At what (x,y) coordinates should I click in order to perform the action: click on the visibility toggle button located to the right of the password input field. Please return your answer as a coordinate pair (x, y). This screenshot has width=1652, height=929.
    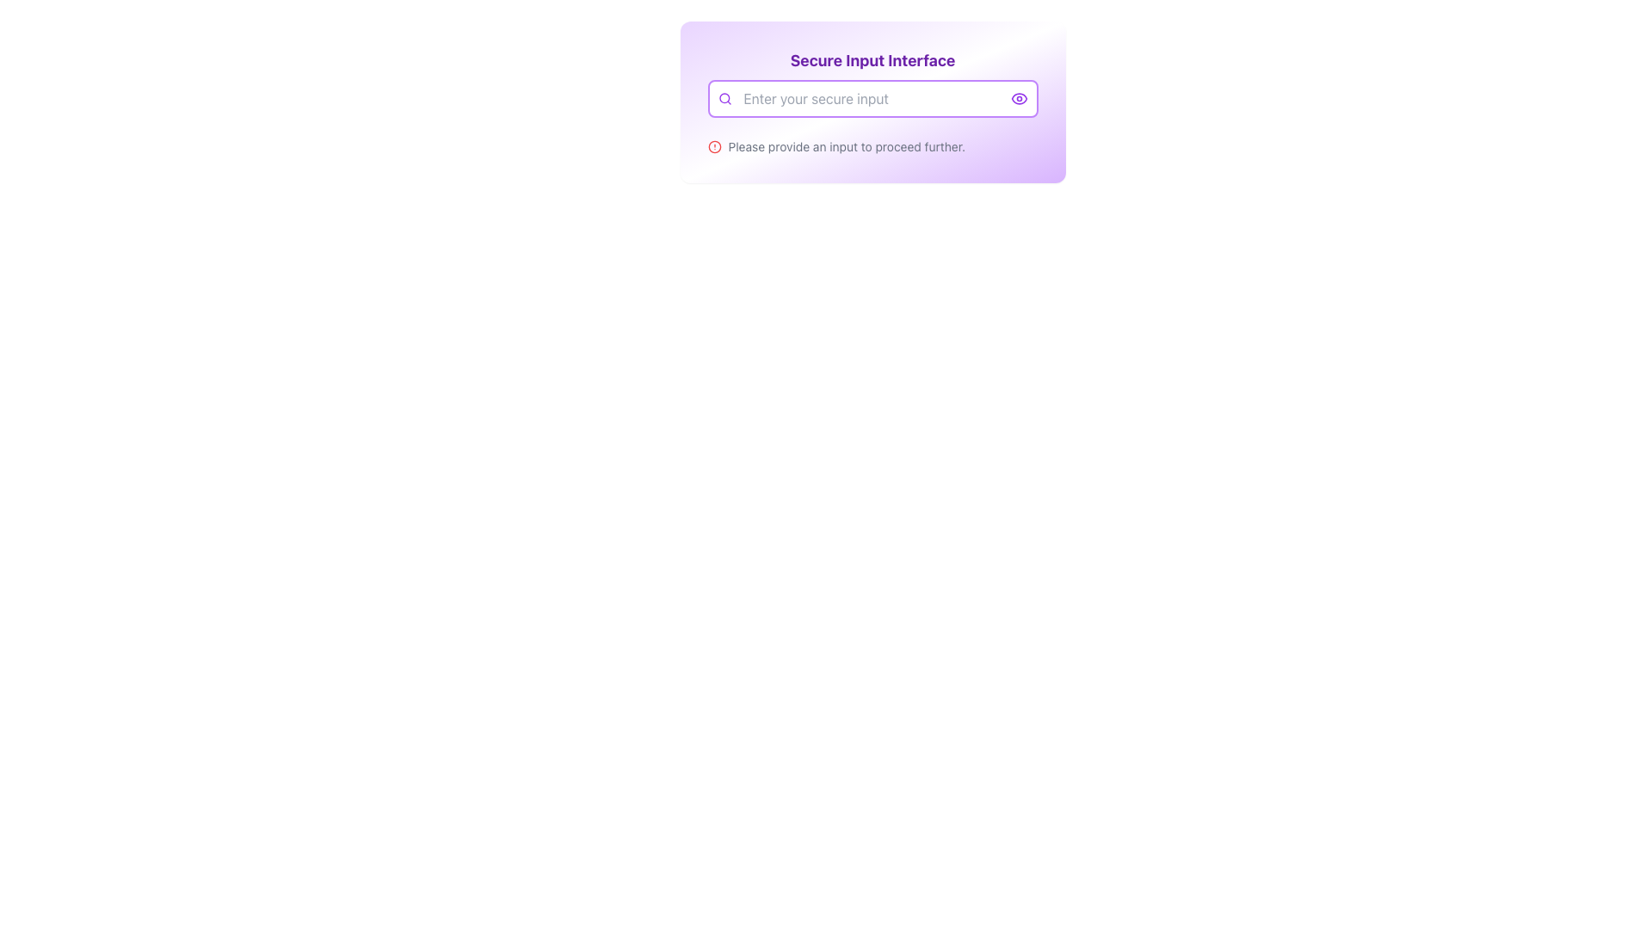
    Looking at the image, I should click on (1019, 99).